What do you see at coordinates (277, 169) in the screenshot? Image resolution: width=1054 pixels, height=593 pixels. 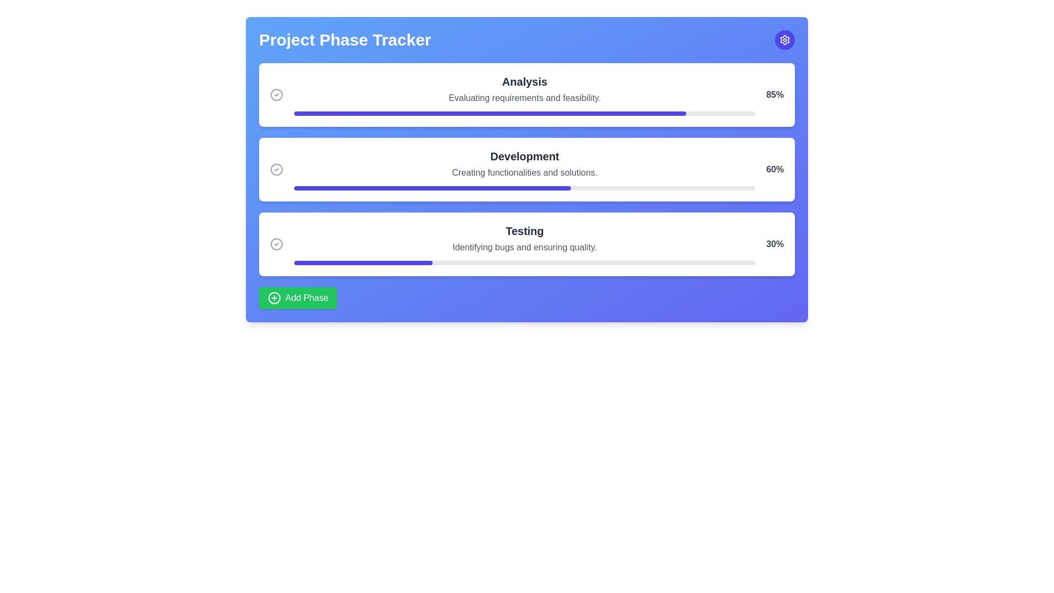 I see `the graphical SVG circle element representing a status or checklist icon in the 'Development' section of the progress tracker interface` at bounding box center [277, 169].